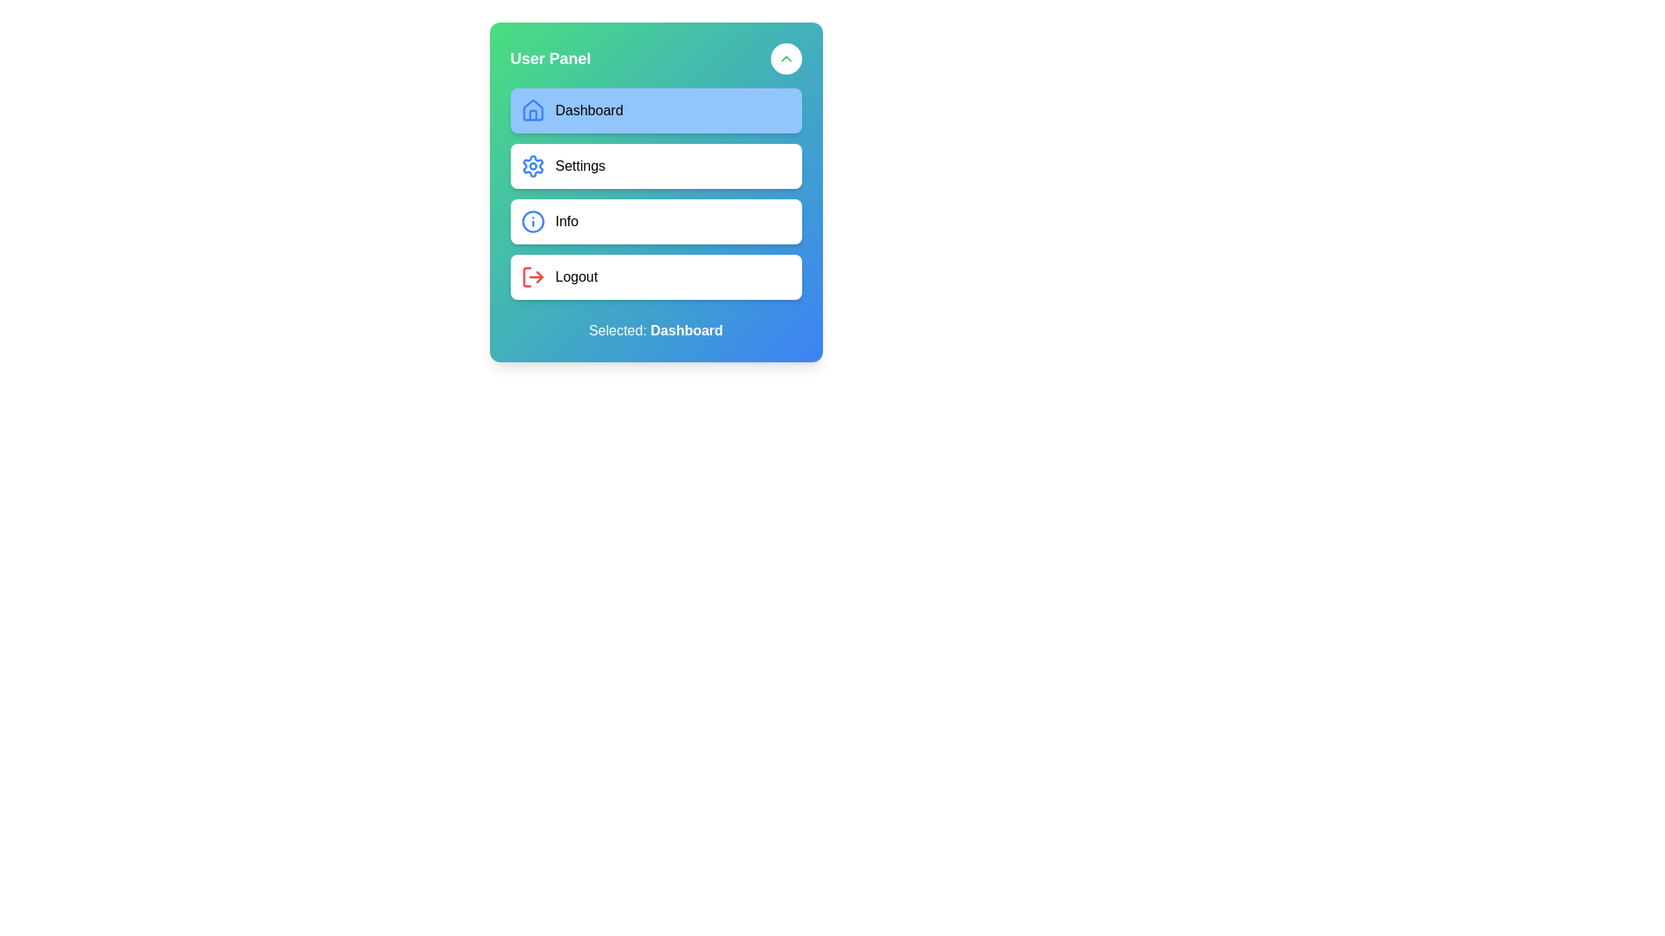 This screenshot has height=936, width=1665. Describe the element at coordinates (785, 58) in the screenshot. I see `the circular button with a white background and green upward-pointing chevron icon located at the top-right corner of the 'User Panel'` at that location.